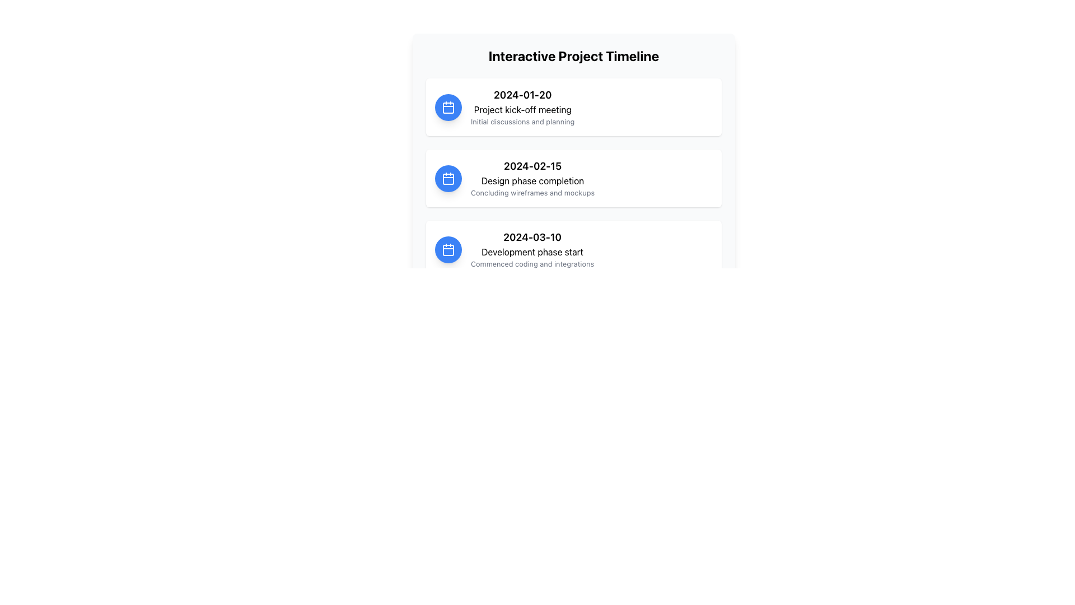 The height and width of the screenshot is (605, 1075). What do you see at coordinates (574, 177) in the screenshot?
I see `information displayed on the second card in the vertically stacked list of project timeline events, which includes the date, title, and detailed description` at bounding box center [574, 177].